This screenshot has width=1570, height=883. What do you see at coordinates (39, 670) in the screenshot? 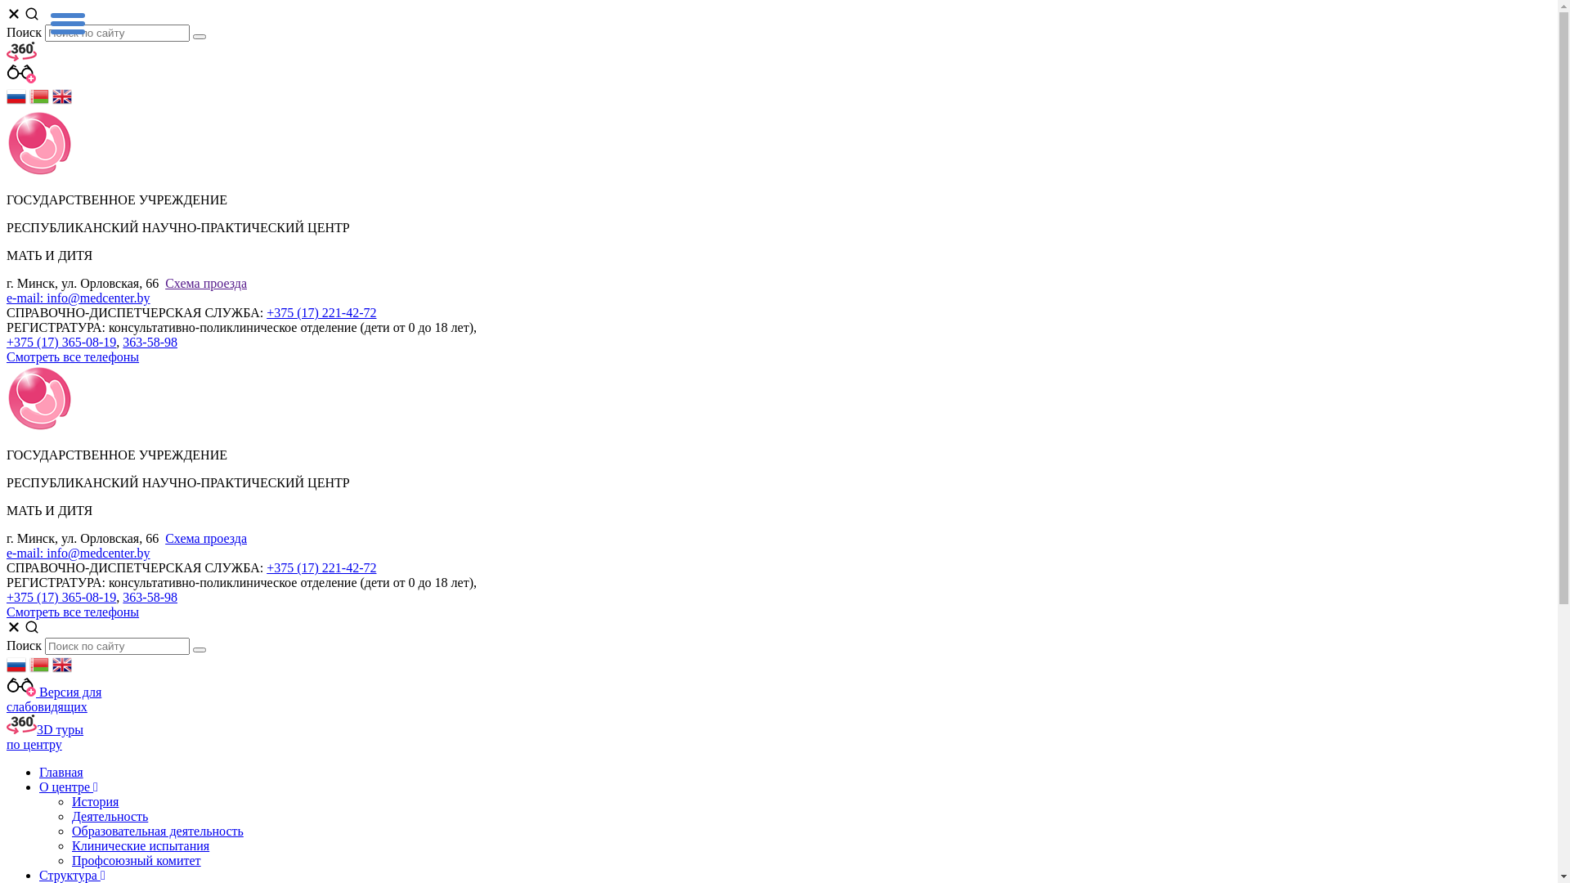
I see `'Belarusian'` at bounding box center [39, 670].